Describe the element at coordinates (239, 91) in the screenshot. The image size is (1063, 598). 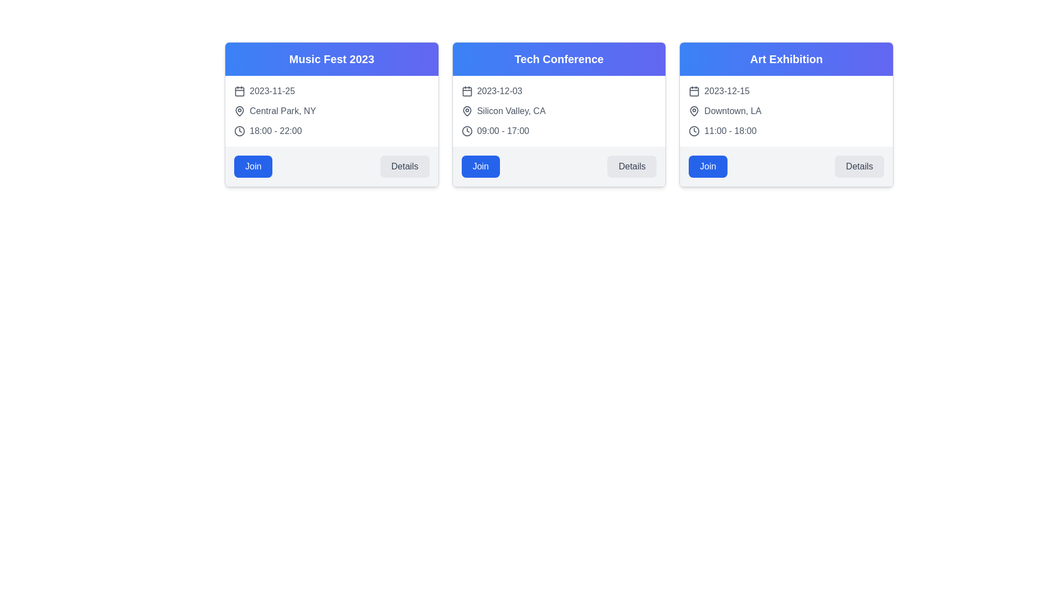
I see `the Icon graphic component, which is a rectangular shape with rounded corners, styled in a neutral color, located within the calendar icon on the left side of the 'Music Fest 2023' event card` at that location.